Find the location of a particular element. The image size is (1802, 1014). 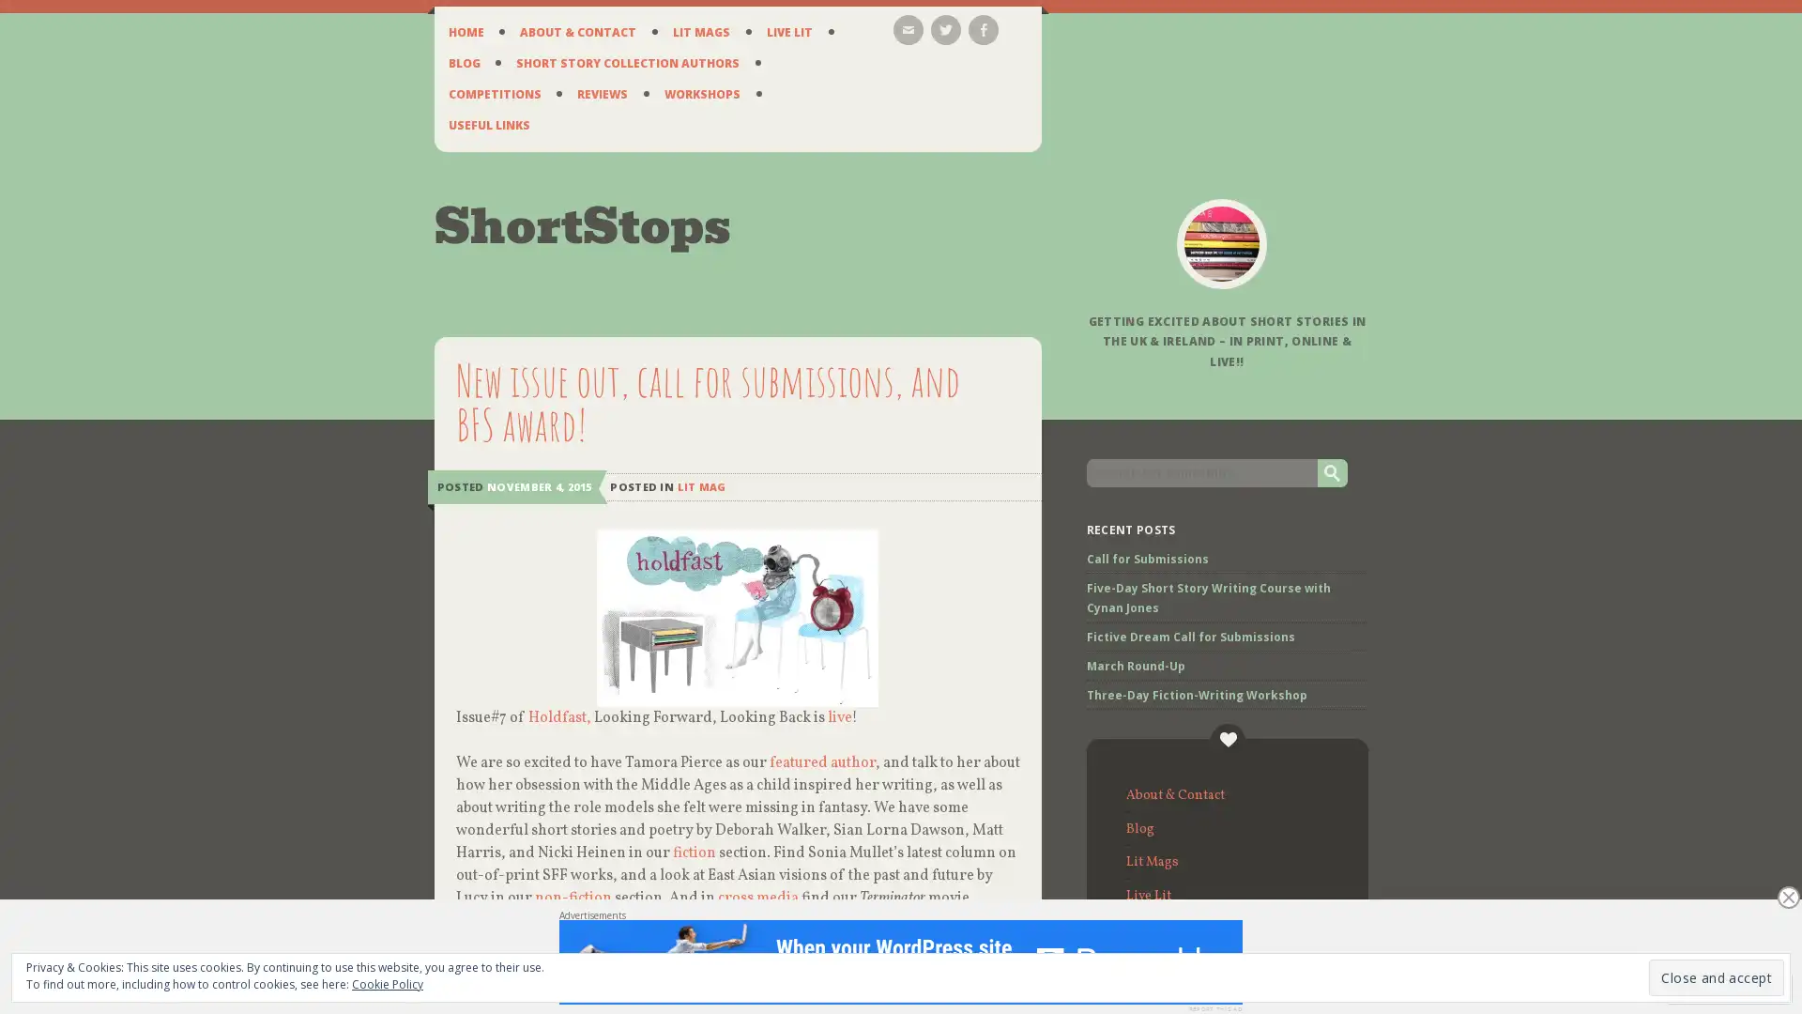

Go is located at coordinates (1332, 470).